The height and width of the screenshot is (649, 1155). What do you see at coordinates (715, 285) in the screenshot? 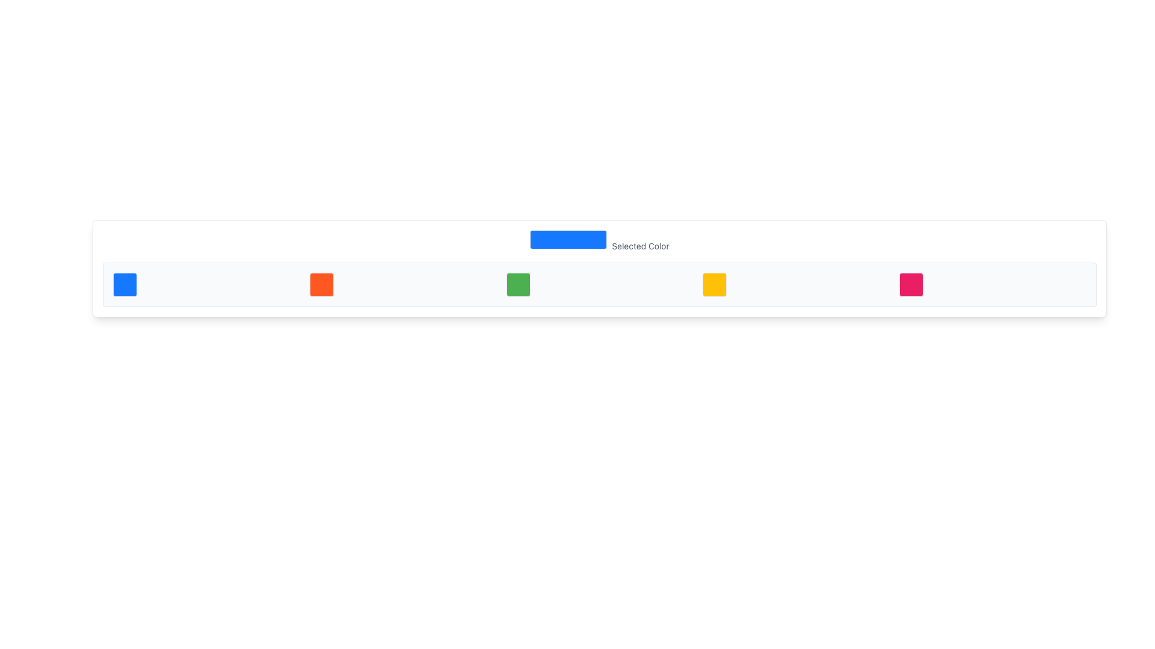
I see `the selectable color block element with a yellow background, positioned as the fourth item in a grid of five squares` at bounding box center [715, 285].